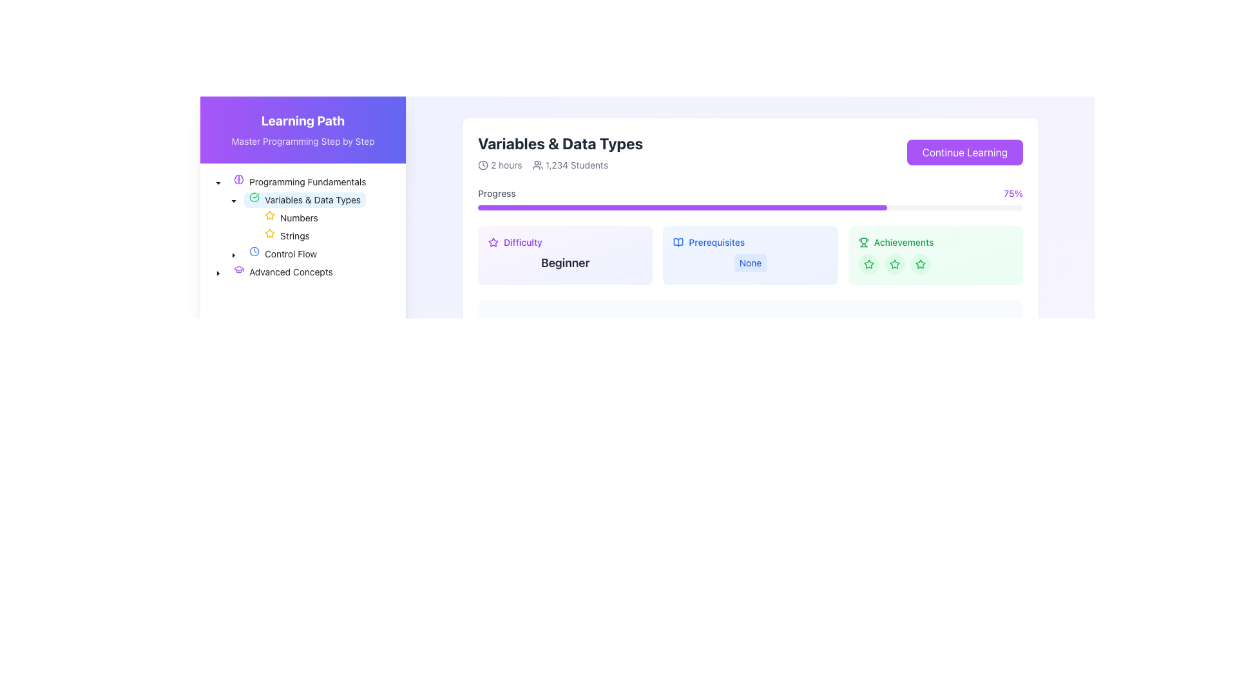  Describe the element at coordinates (868, 264) in the screenshot. I see `the rightmost star icon in the Achievements section` at that location.